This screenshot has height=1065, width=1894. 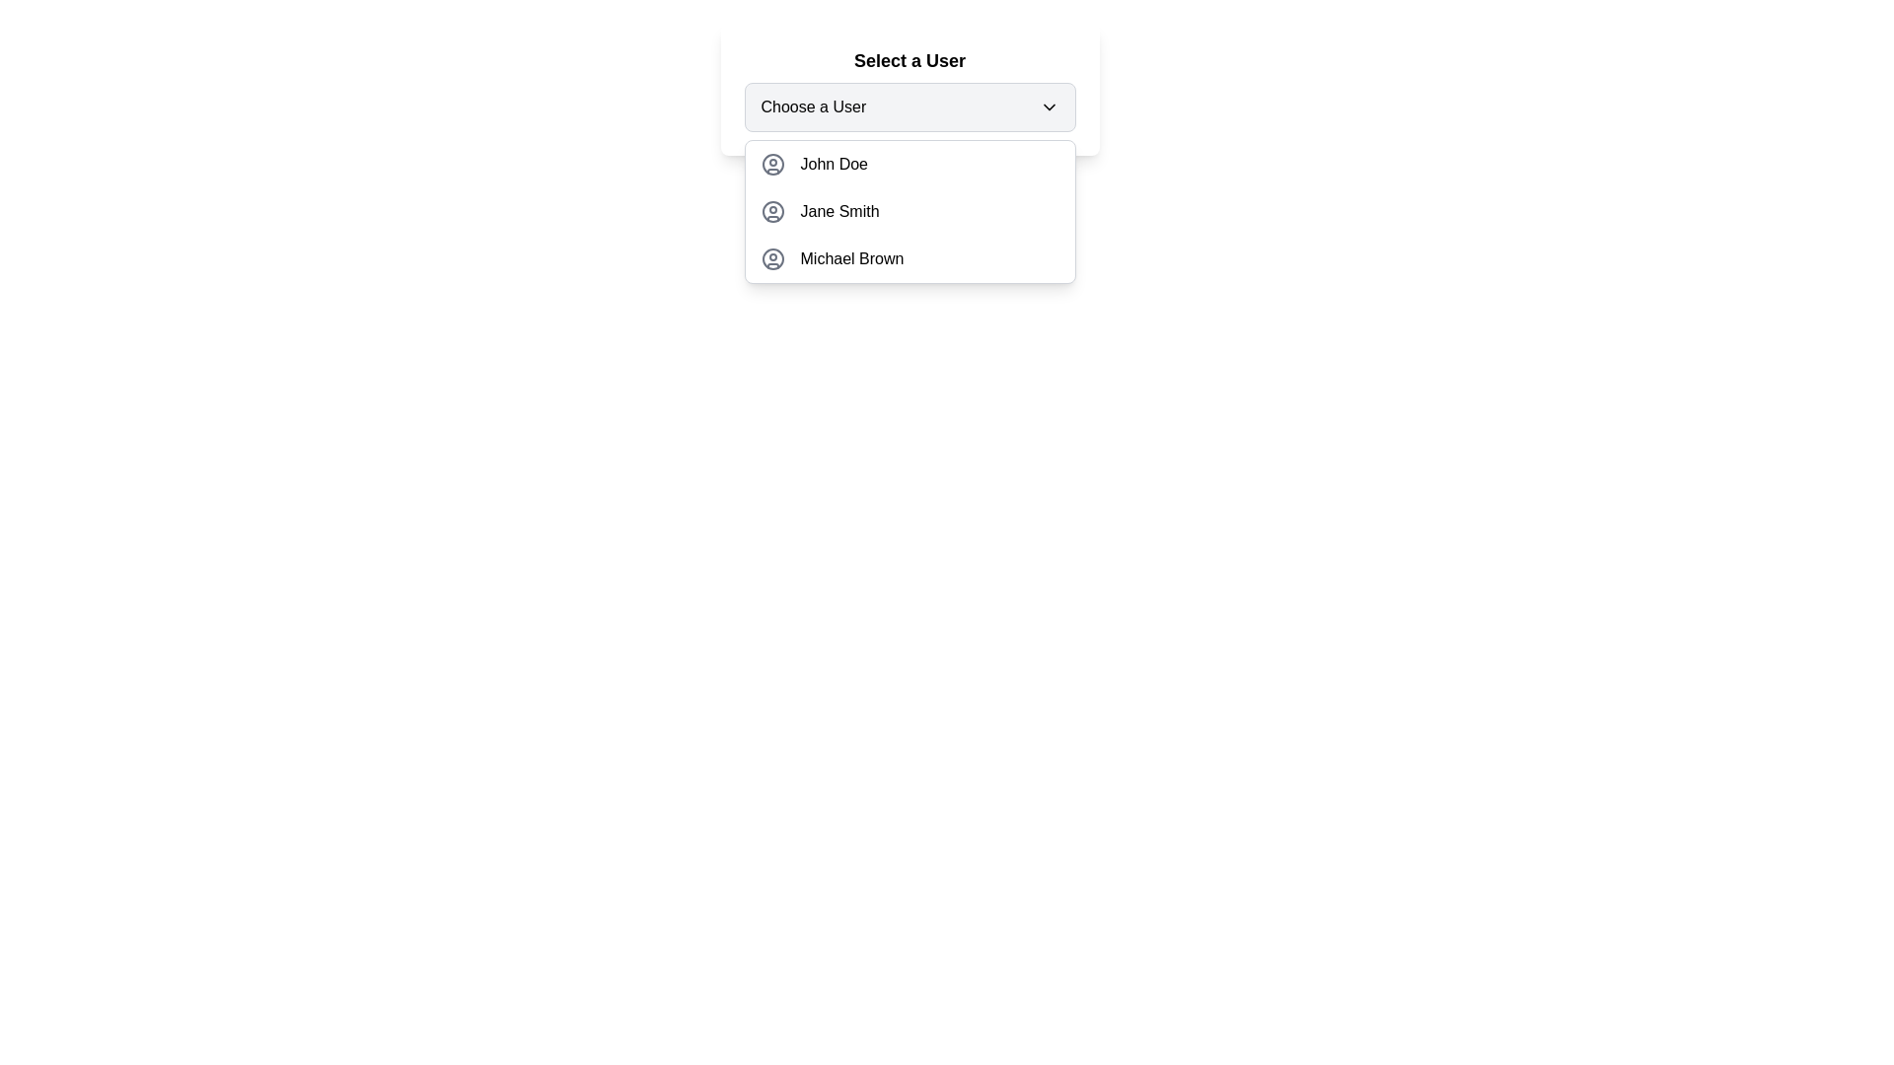 What do you see at coordinates (839, 212) in the screenshot?
I see `the second user name in the dropdown menu under the 'Select a User' section` at bounding box center [839, 212].